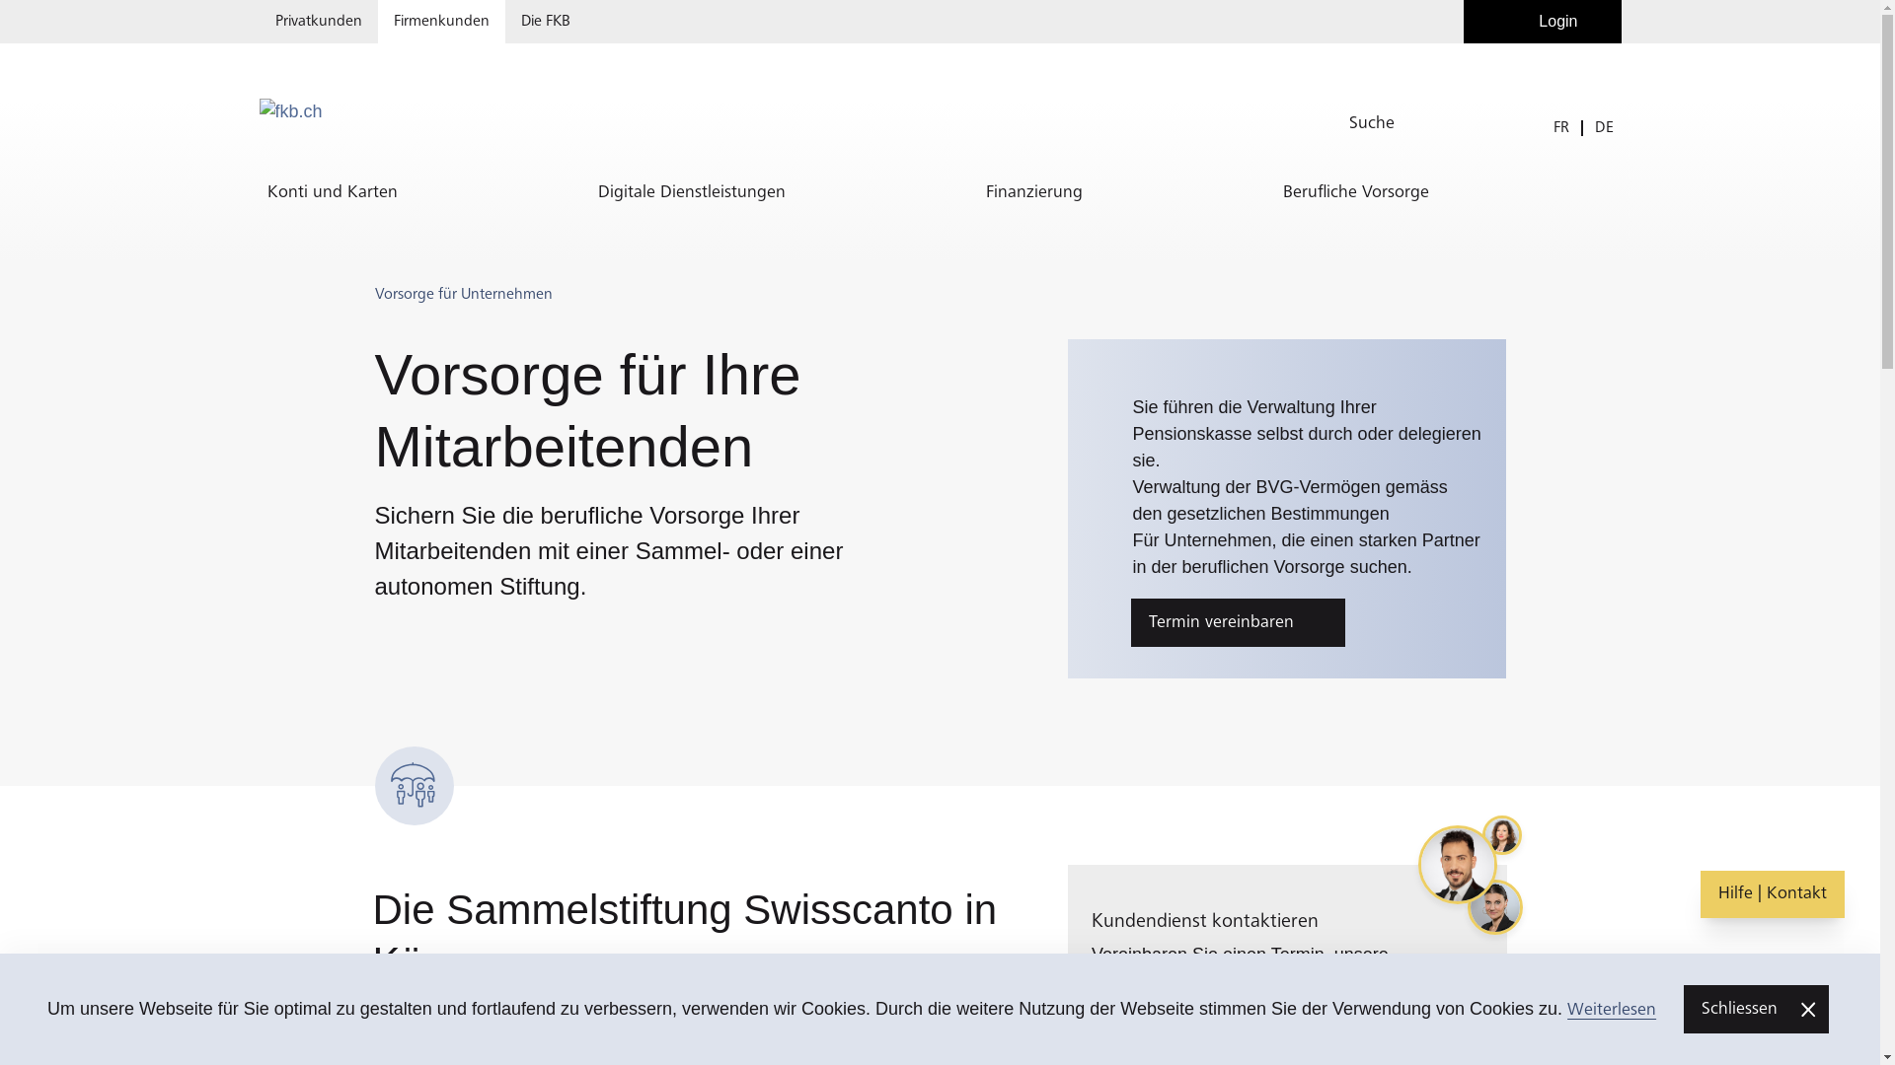 This screenshot has height=1065, width=1895. I want to click on 'Schliessen', so click(1756, 1009).